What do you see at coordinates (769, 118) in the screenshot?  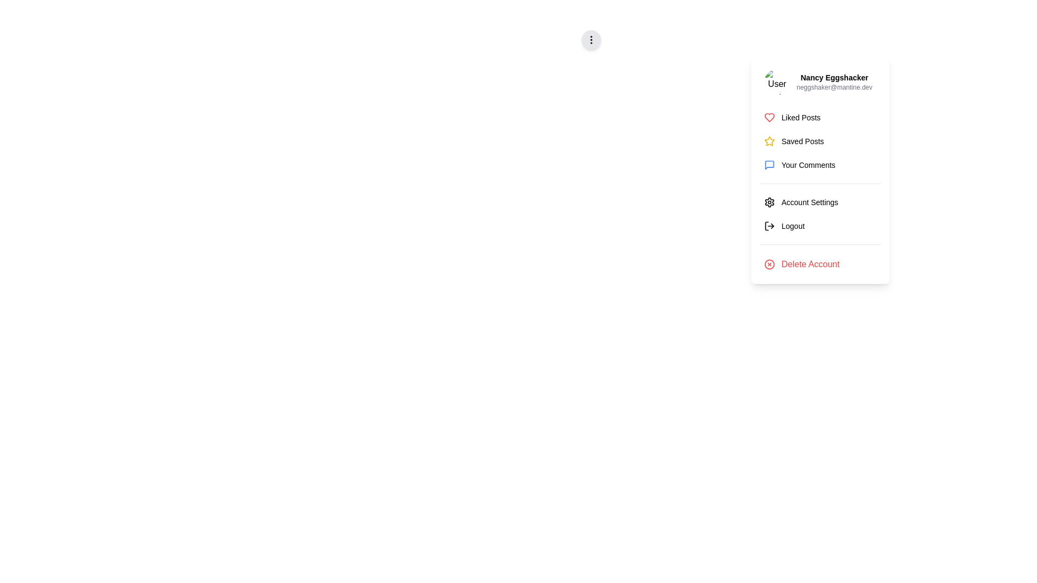 I see `the red heart icon, which is styled as an empty heart with a smooth, rounded structure, located to the left of the 'Liked Posts' text label in the pop-up menu, if it is interactive` at bounding box center [769, 118].